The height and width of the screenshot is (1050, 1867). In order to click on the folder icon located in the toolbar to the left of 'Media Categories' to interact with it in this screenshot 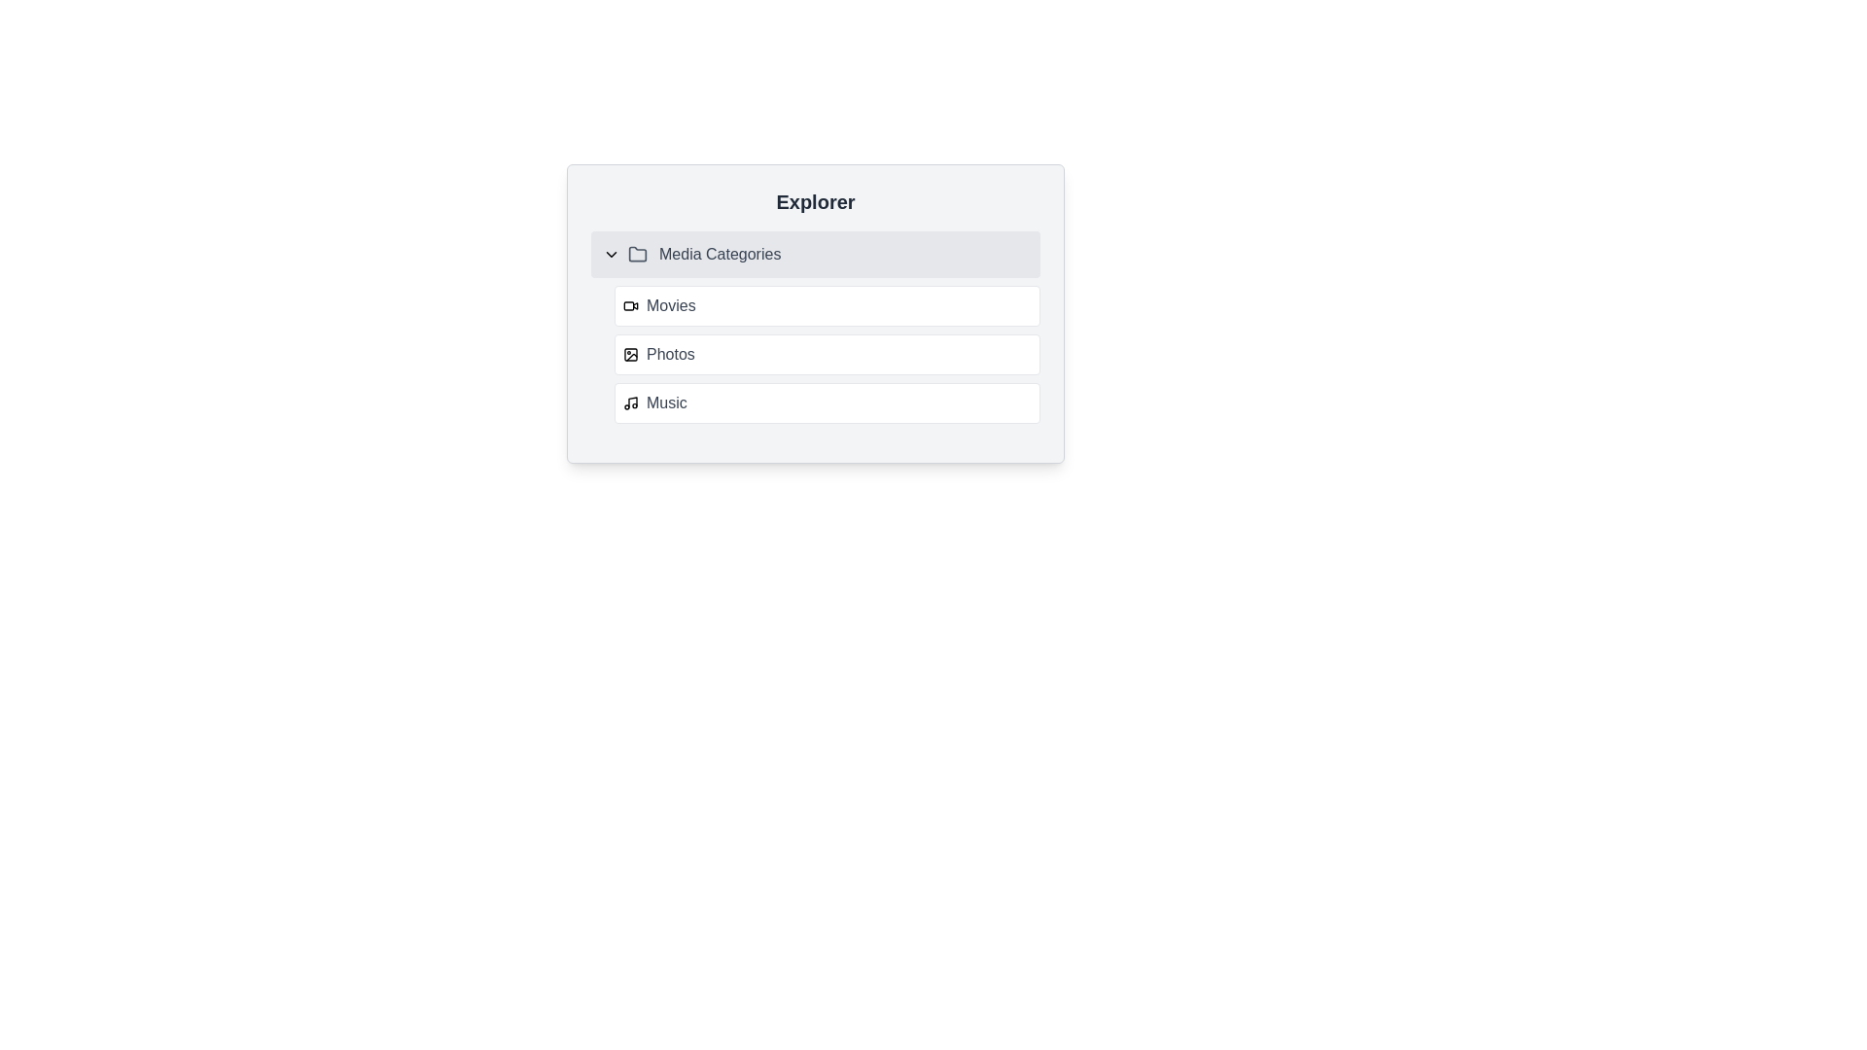, I will do `click(638, 253)`.